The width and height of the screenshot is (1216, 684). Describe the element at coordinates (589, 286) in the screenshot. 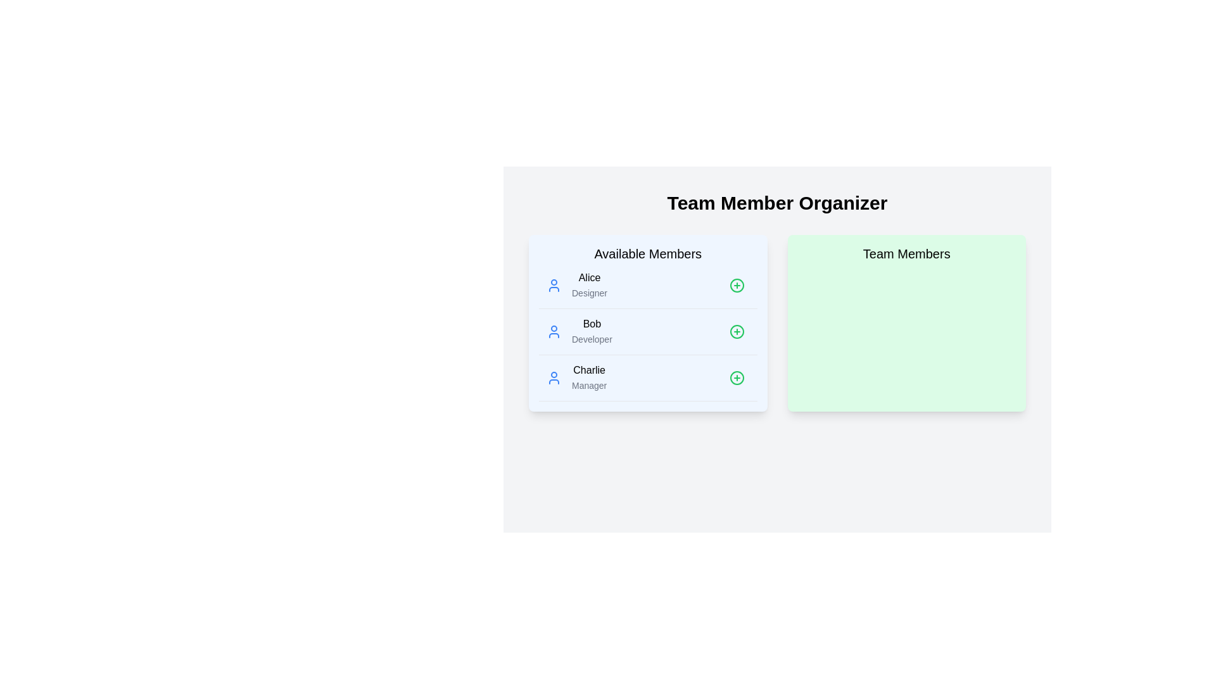

I see `the text block displaying 'Alice: Designer' in the 'Available Members' section` at that location.